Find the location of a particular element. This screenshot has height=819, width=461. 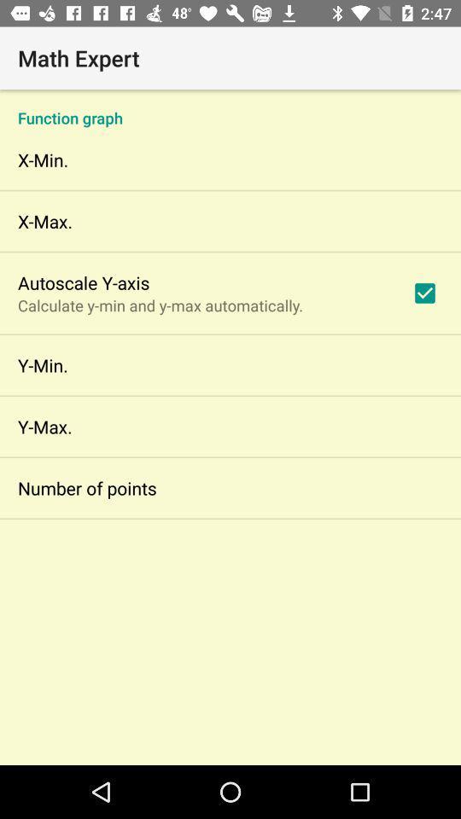

icon below the math expert icon is located at coordinates (230, 107).